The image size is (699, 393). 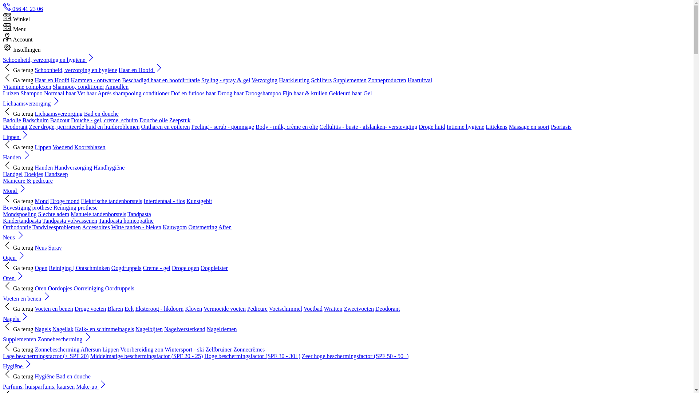 I want to click on 'Zeer hoge beschermingsfactor (SPF 50 - 50+)', so click(x=355, y=356).